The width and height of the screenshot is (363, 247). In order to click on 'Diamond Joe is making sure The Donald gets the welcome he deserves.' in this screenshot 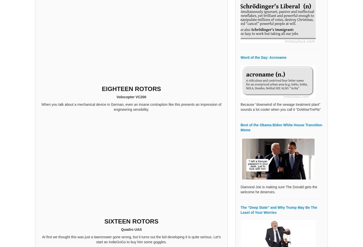, I will do `click(279, 189)`.